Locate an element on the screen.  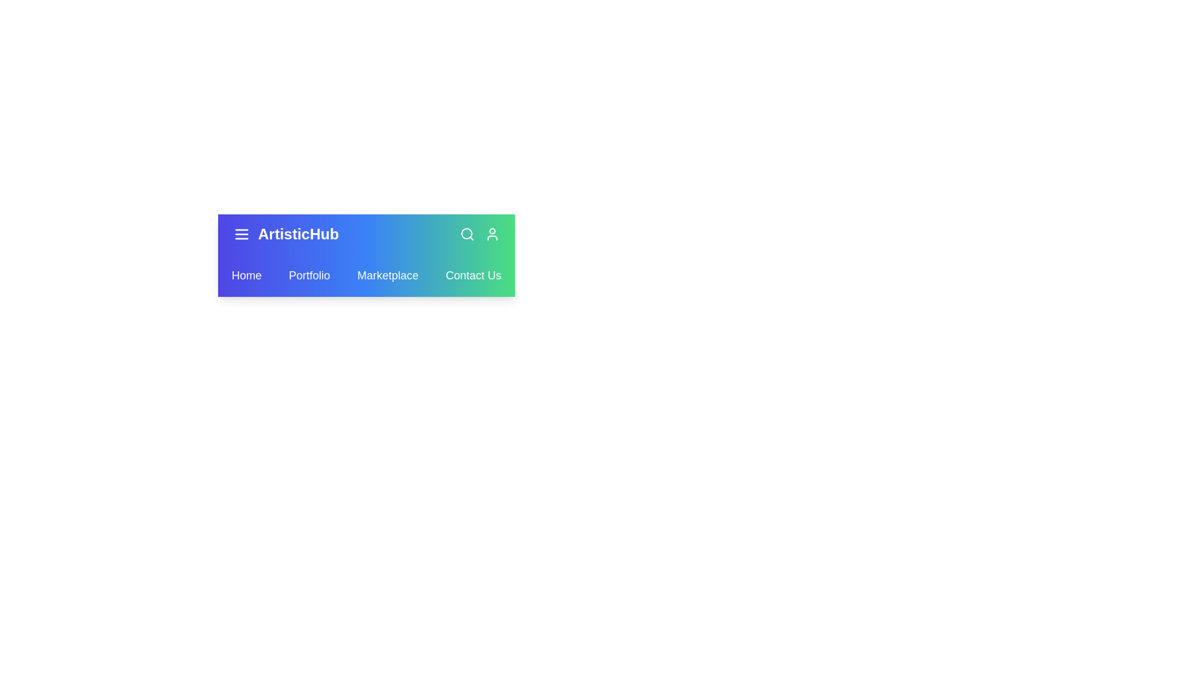
the menu icon to toggle the menu visibility is located at coordinates (242, 234).